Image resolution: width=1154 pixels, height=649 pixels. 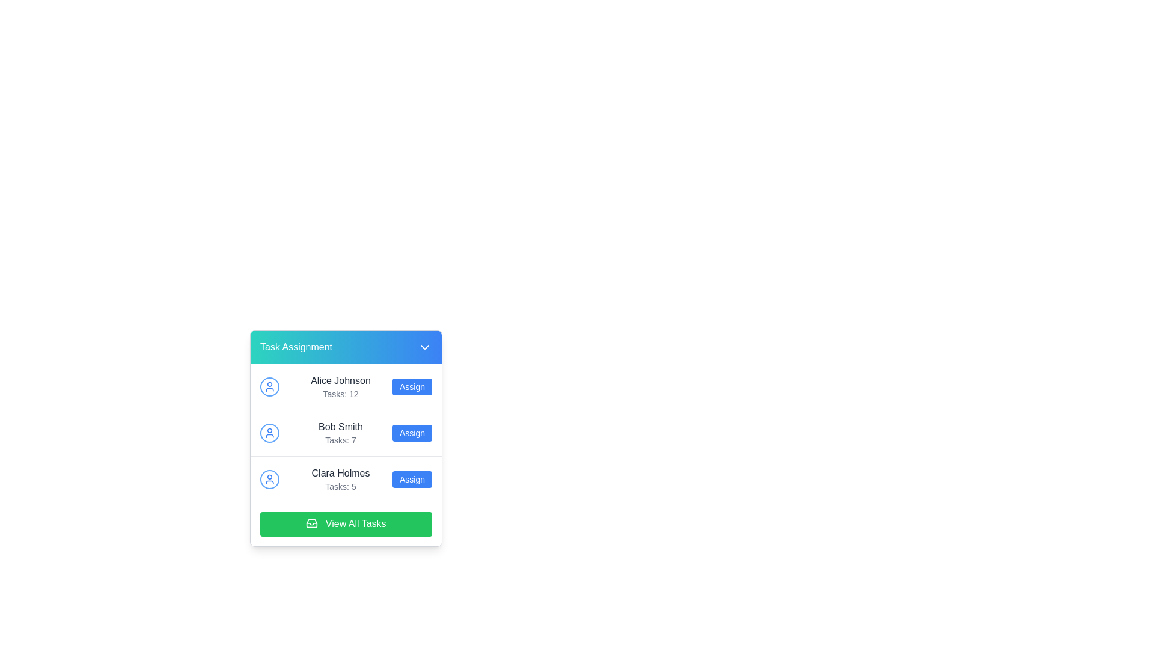 What do you see at coordinates (340, 433) in the screenshot?
I see `the text display that shows 'Bob Smith' with 'Tasks: 7' underneath it, located in the middle row of the list section under 'Task Assignment'` at bounding box center [340, 433].